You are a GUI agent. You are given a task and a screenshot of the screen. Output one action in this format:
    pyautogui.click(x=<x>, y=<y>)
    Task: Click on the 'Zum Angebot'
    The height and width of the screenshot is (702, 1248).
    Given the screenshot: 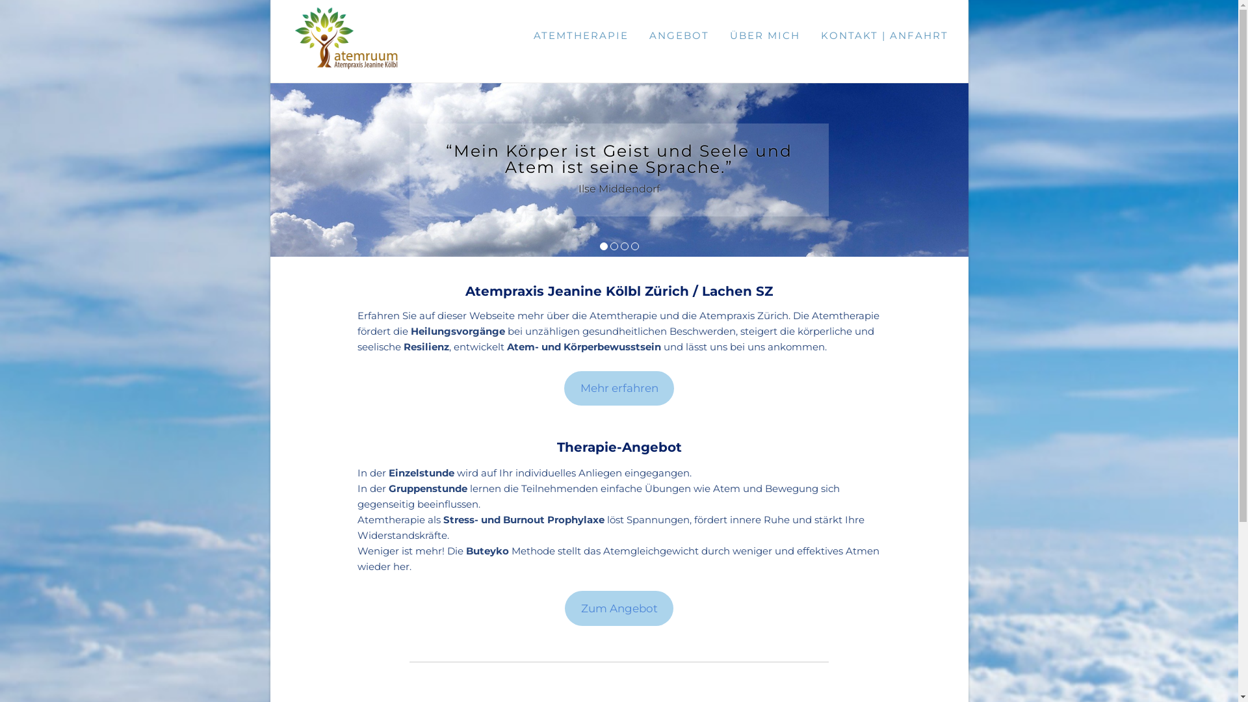 What is the action you would take?
    pyautogui.click(x=564, y=608)
    